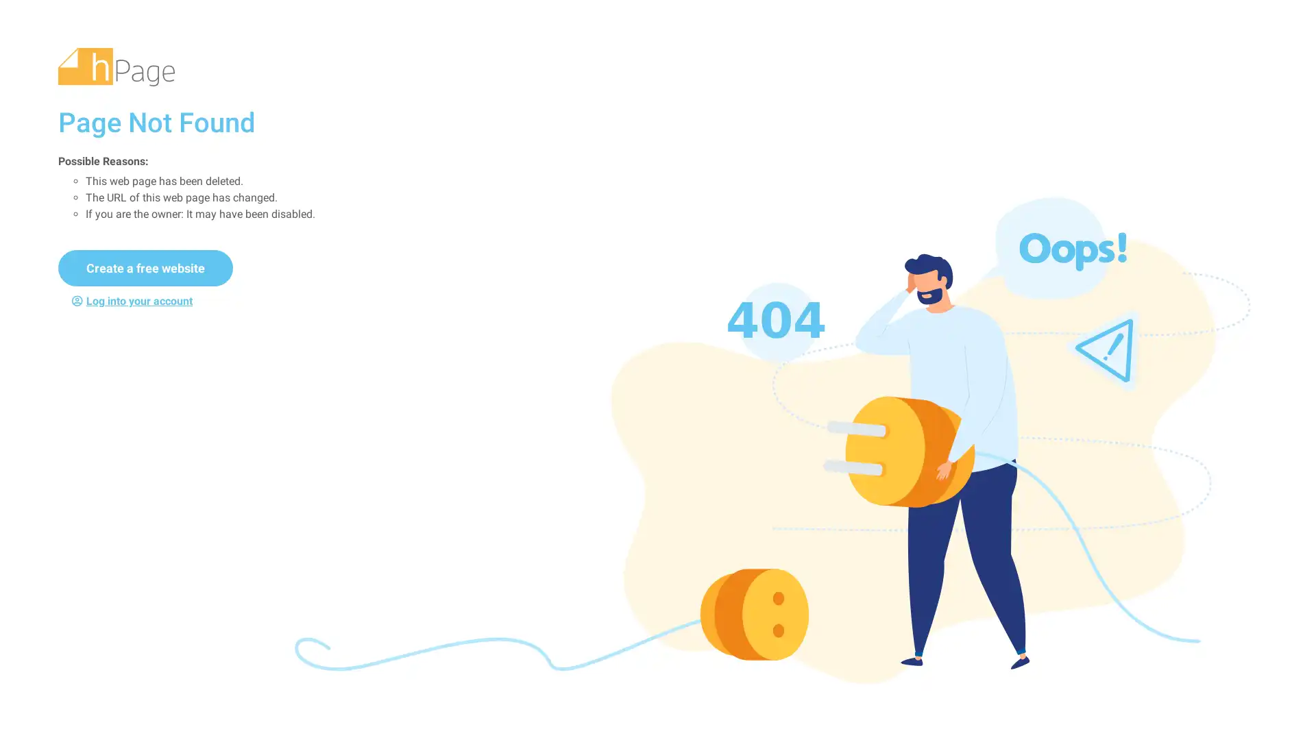 The height and width of the screenshot is (740, 1316). Describe the element at coordinates (145, 267) in the screenshot. I see `Create a free website` at that location.